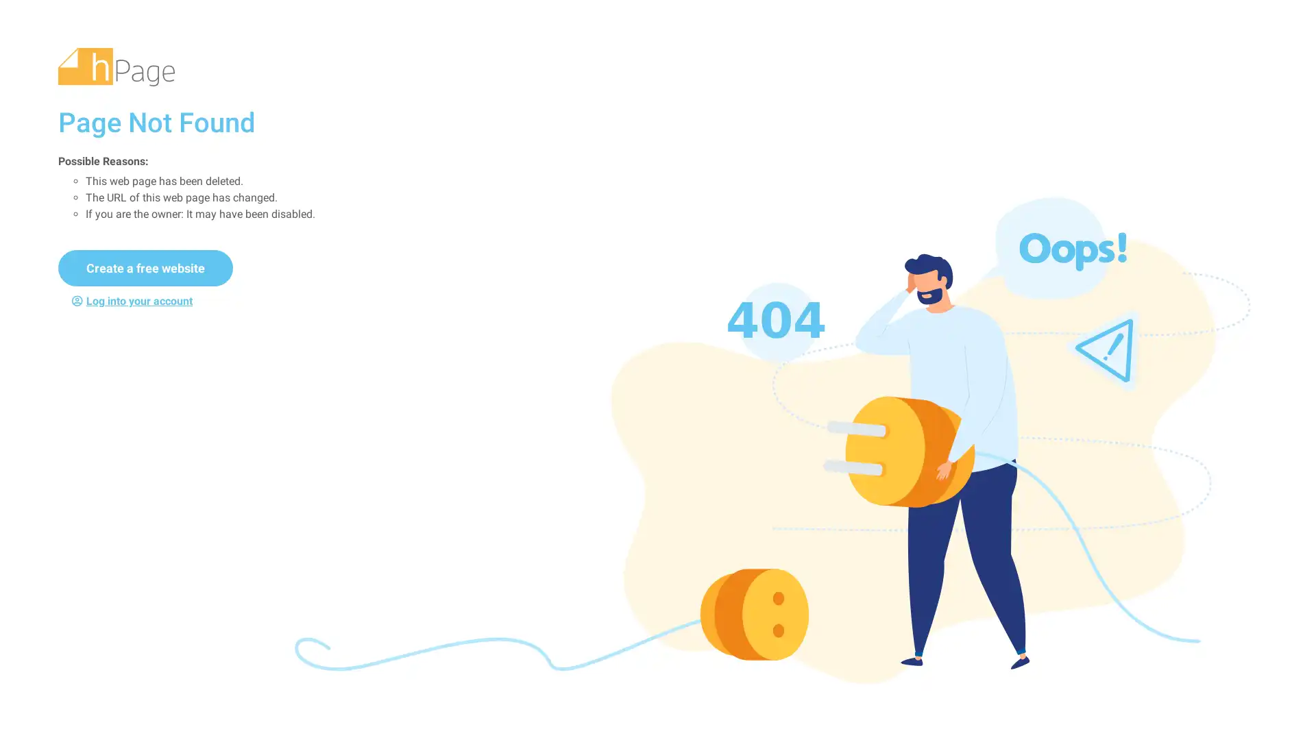 The height and width of the screenshot is (740, 1316). Describe the element at coordinates (145, 267) in the screenshot. I see `Create a free website` at that location.